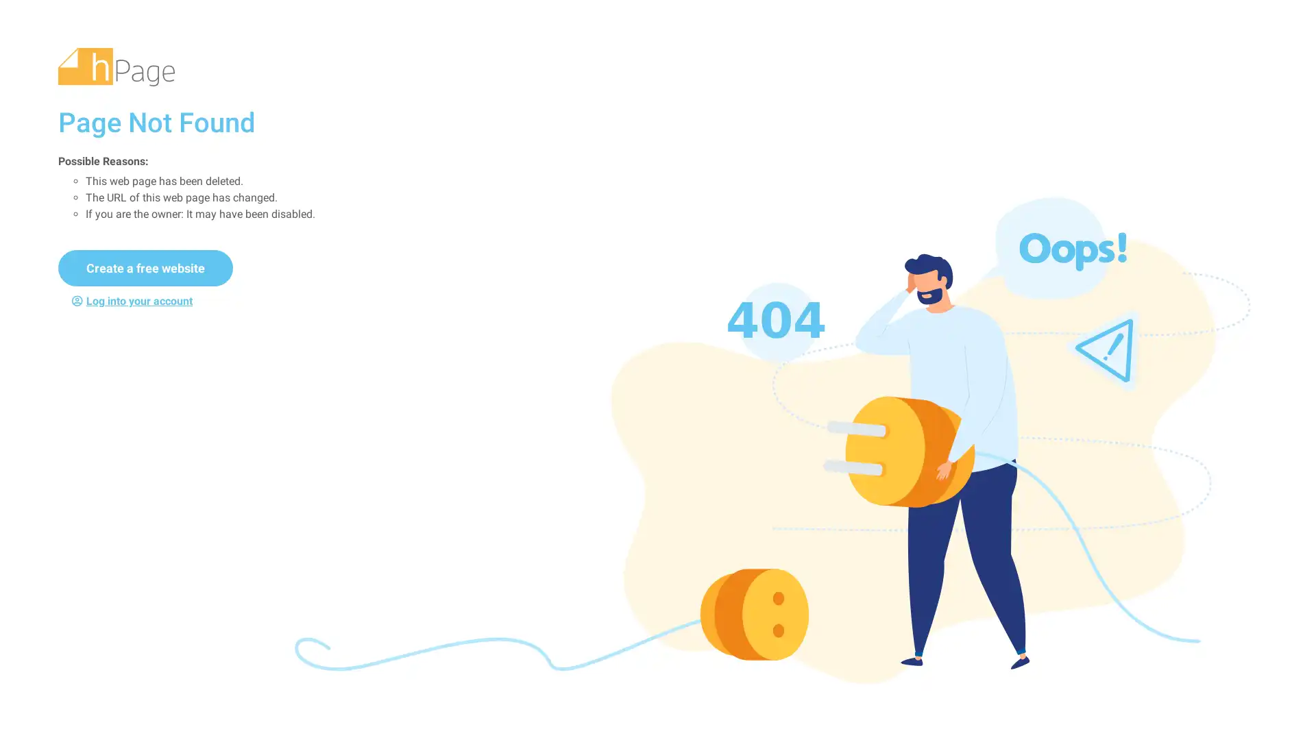 The height and width of the screenshot is (740, 1316). Describe the element at coordinates (145, 267) in the screenshot. I see `Create a free website` at that location.